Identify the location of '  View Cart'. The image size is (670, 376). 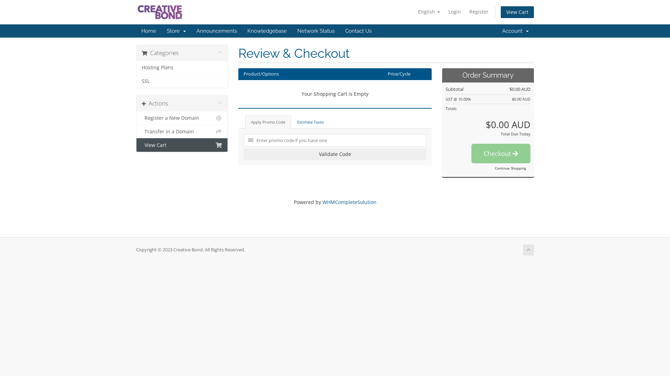
(182, 144).